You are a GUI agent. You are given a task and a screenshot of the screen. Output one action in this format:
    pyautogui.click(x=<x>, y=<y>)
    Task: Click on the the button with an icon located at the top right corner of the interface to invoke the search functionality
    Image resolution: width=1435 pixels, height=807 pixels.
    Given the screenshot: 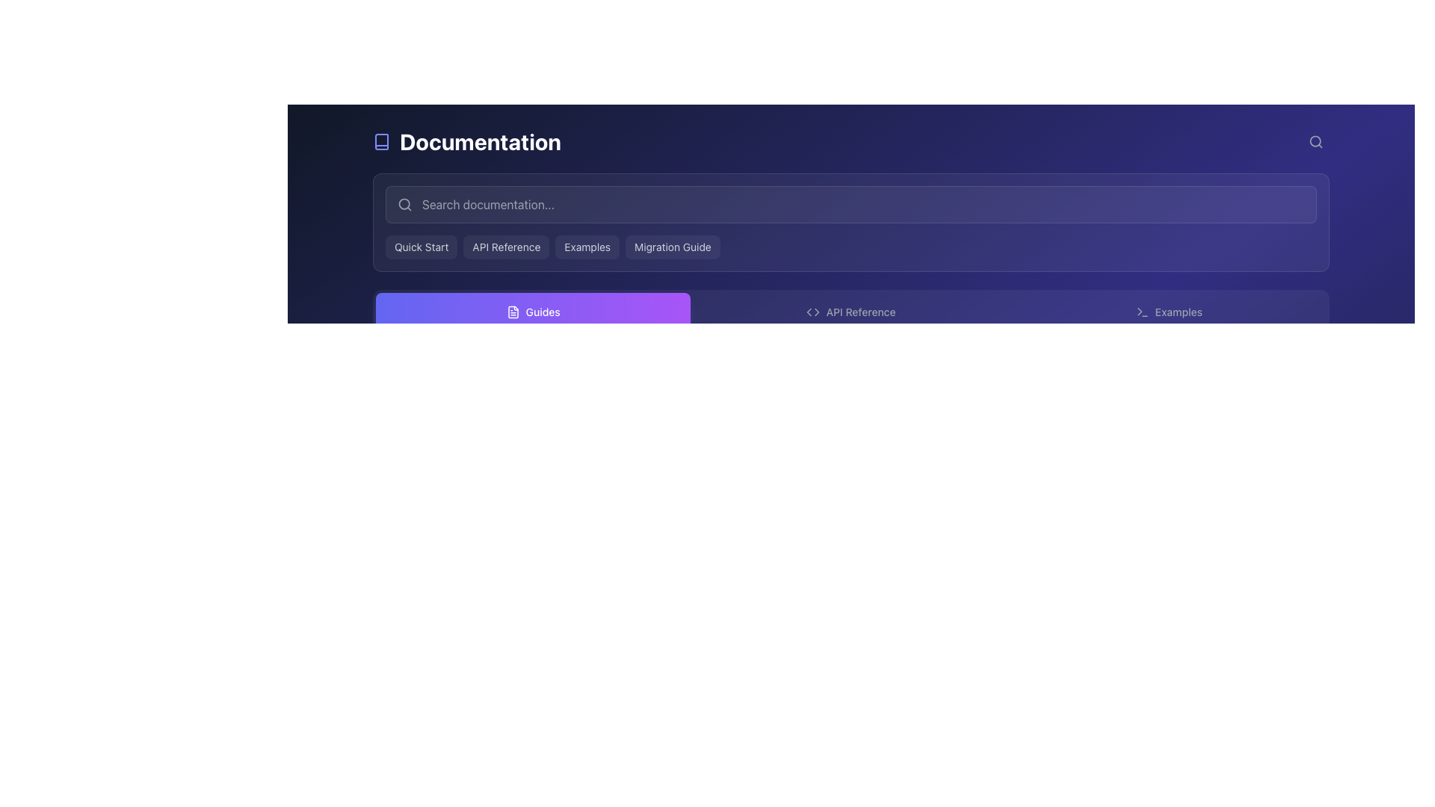 What is the action you would take?
    pyautogui.click(x=1316, y=141)
    